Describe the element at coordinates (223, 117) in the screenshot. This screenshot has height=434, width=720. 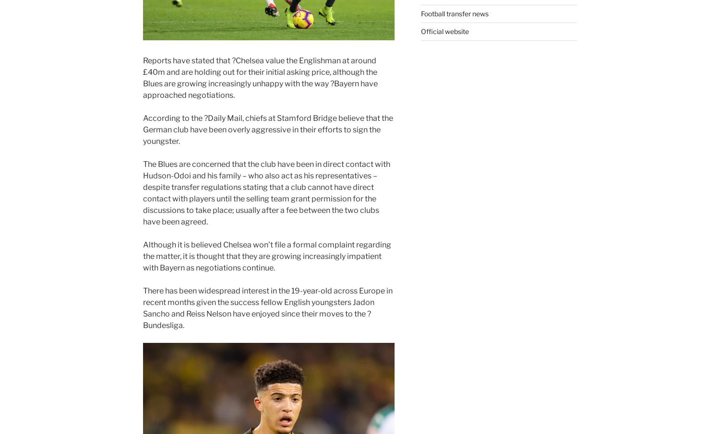
I see `'?Daily Mail'` at that location.